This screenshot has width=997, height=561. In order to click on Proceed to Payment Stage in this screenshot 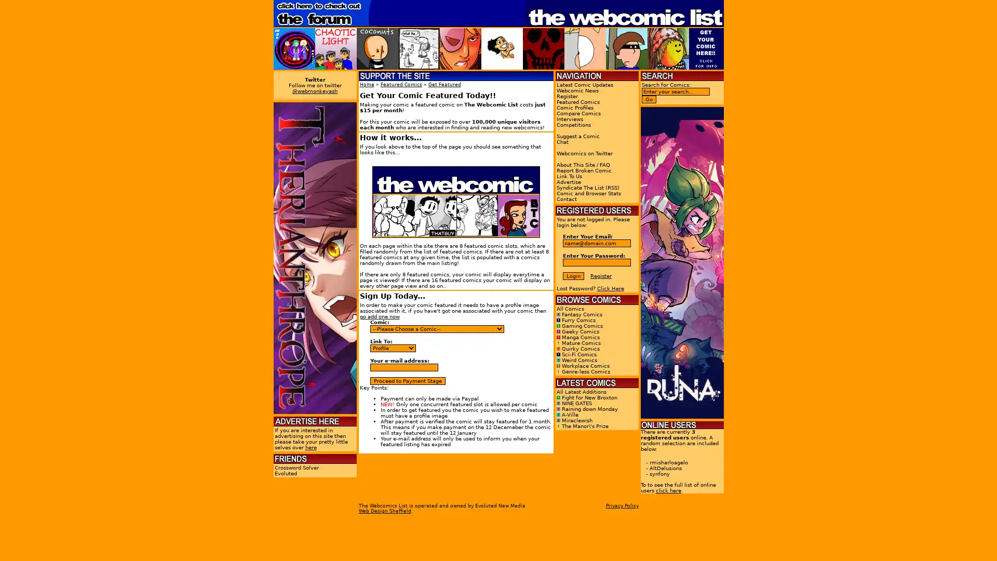, I will do `click(407, 381)`.